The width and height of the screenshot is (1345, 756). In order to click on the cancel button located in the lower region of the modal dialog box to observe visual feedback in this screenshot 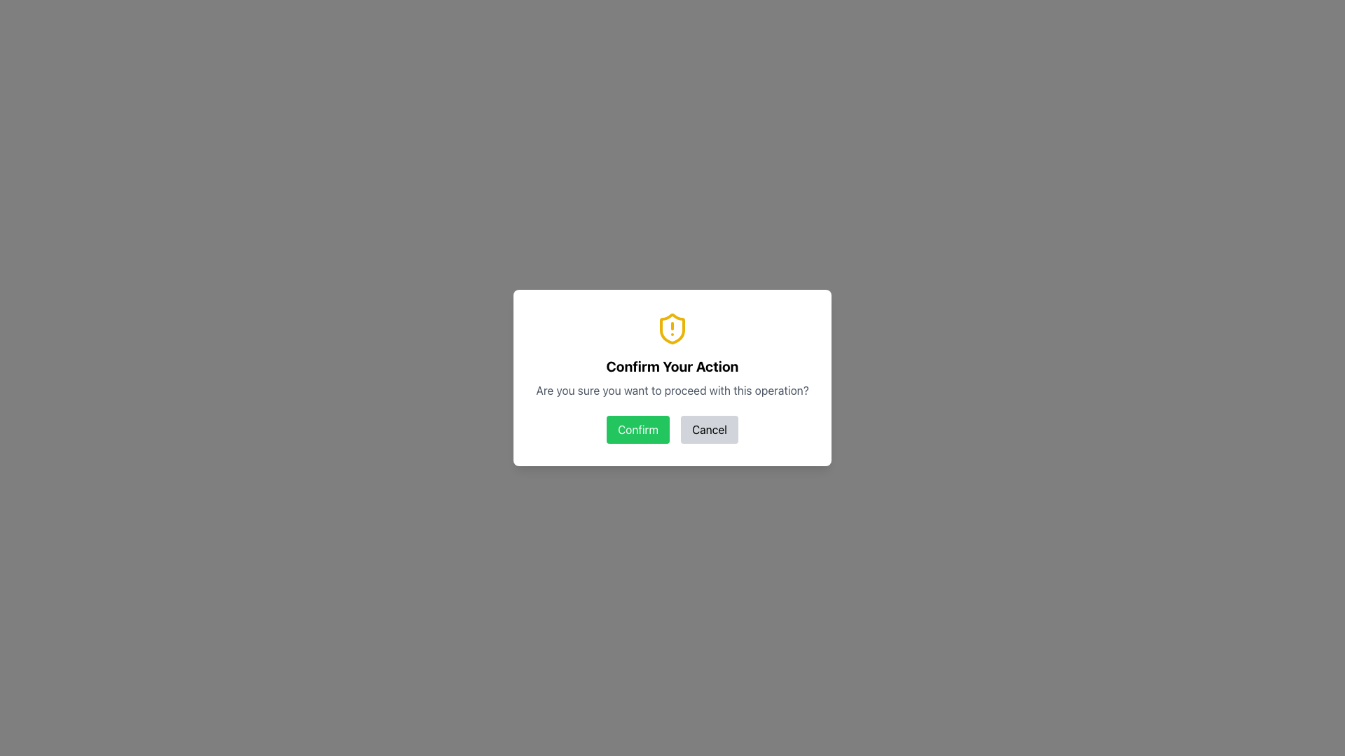, I will do `click(709, 428)`.